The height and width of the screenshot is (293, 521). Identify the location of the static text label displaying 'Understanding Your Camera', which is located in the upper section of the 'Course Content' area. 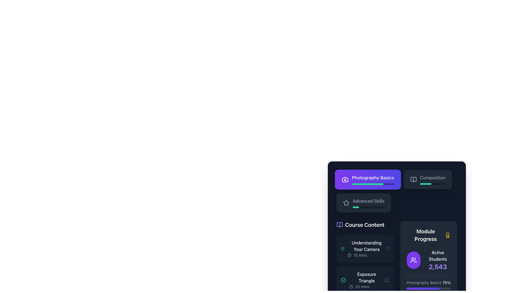
(367, 246).